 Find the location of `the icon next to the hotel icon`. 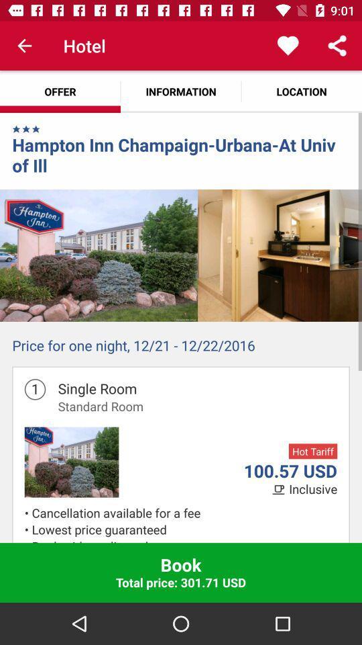

the icon next to the hotel icon is located at coordinates (24, 46).